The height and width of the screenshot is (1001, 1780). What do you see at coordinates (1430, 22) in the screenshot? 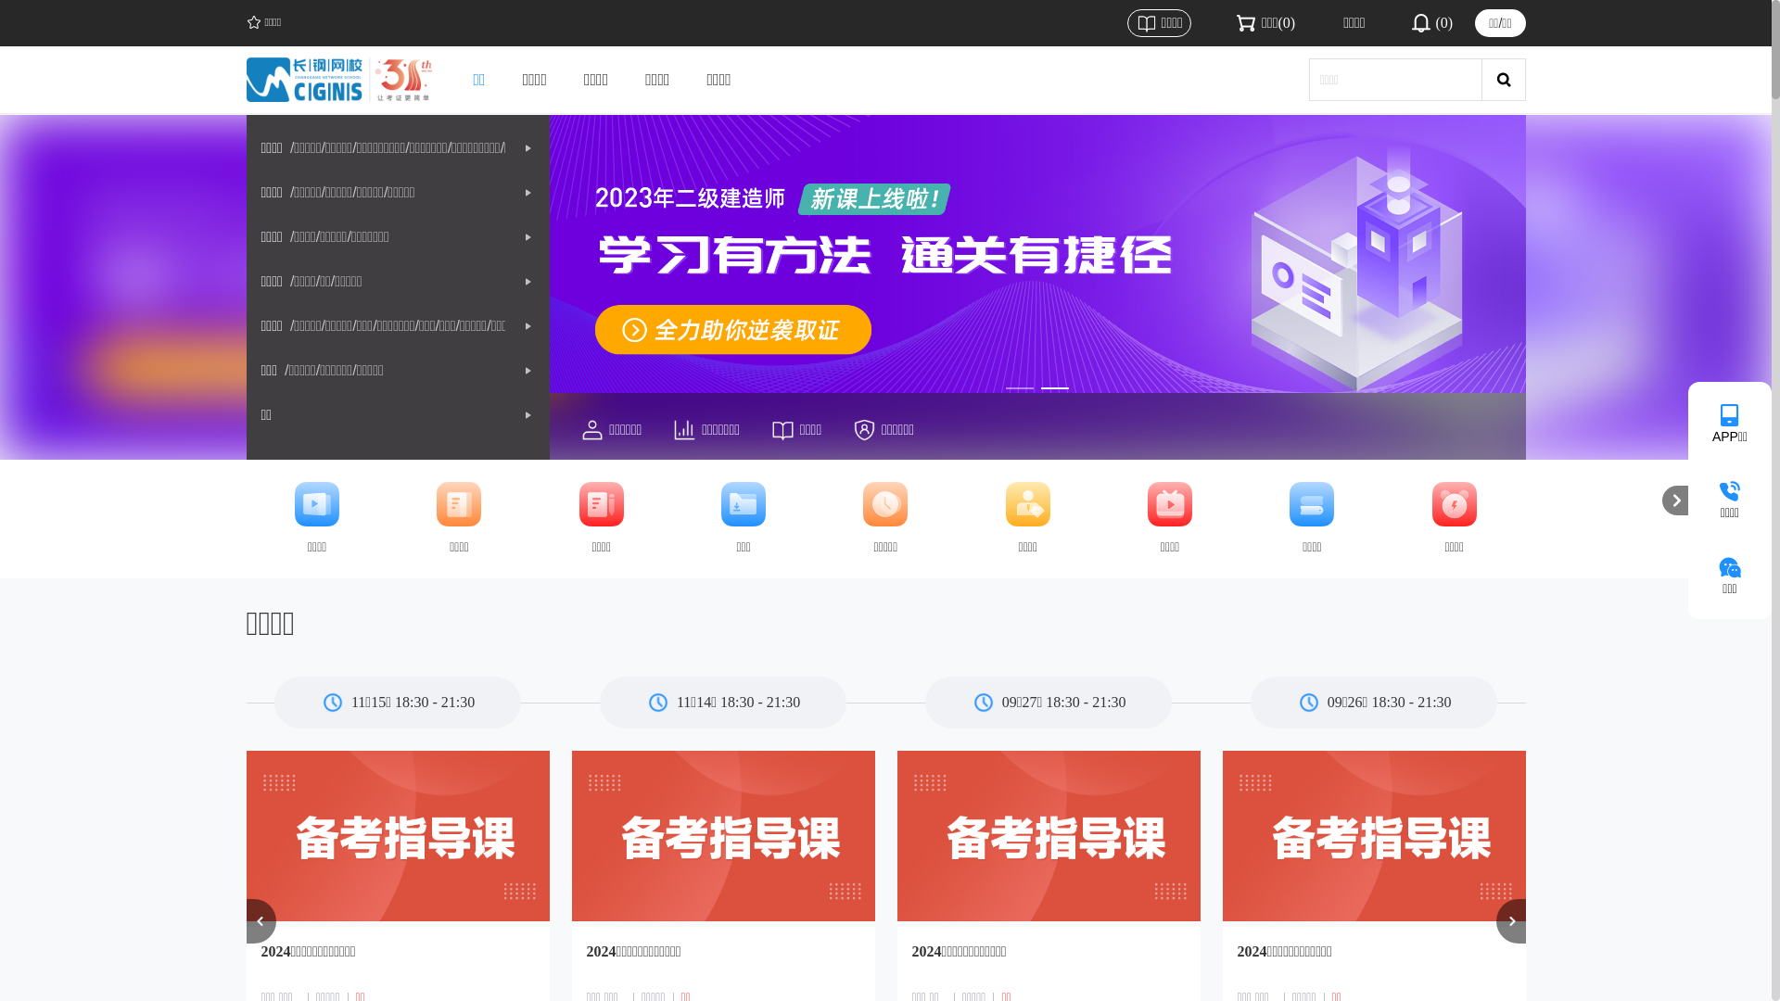
I see `'(0)'` at bounding box center [1430, 22].